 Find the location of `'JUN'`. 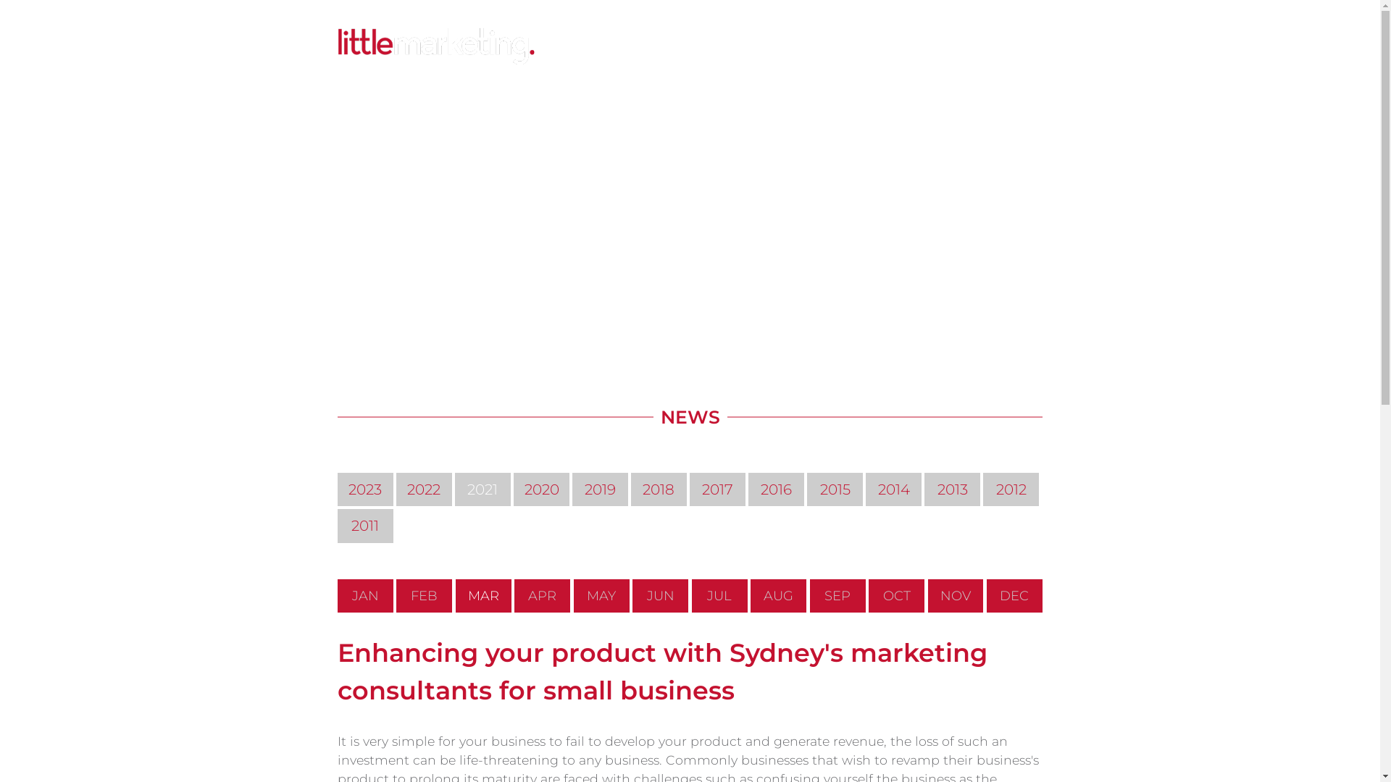

'JUN' is located at coordinates (659, 595).